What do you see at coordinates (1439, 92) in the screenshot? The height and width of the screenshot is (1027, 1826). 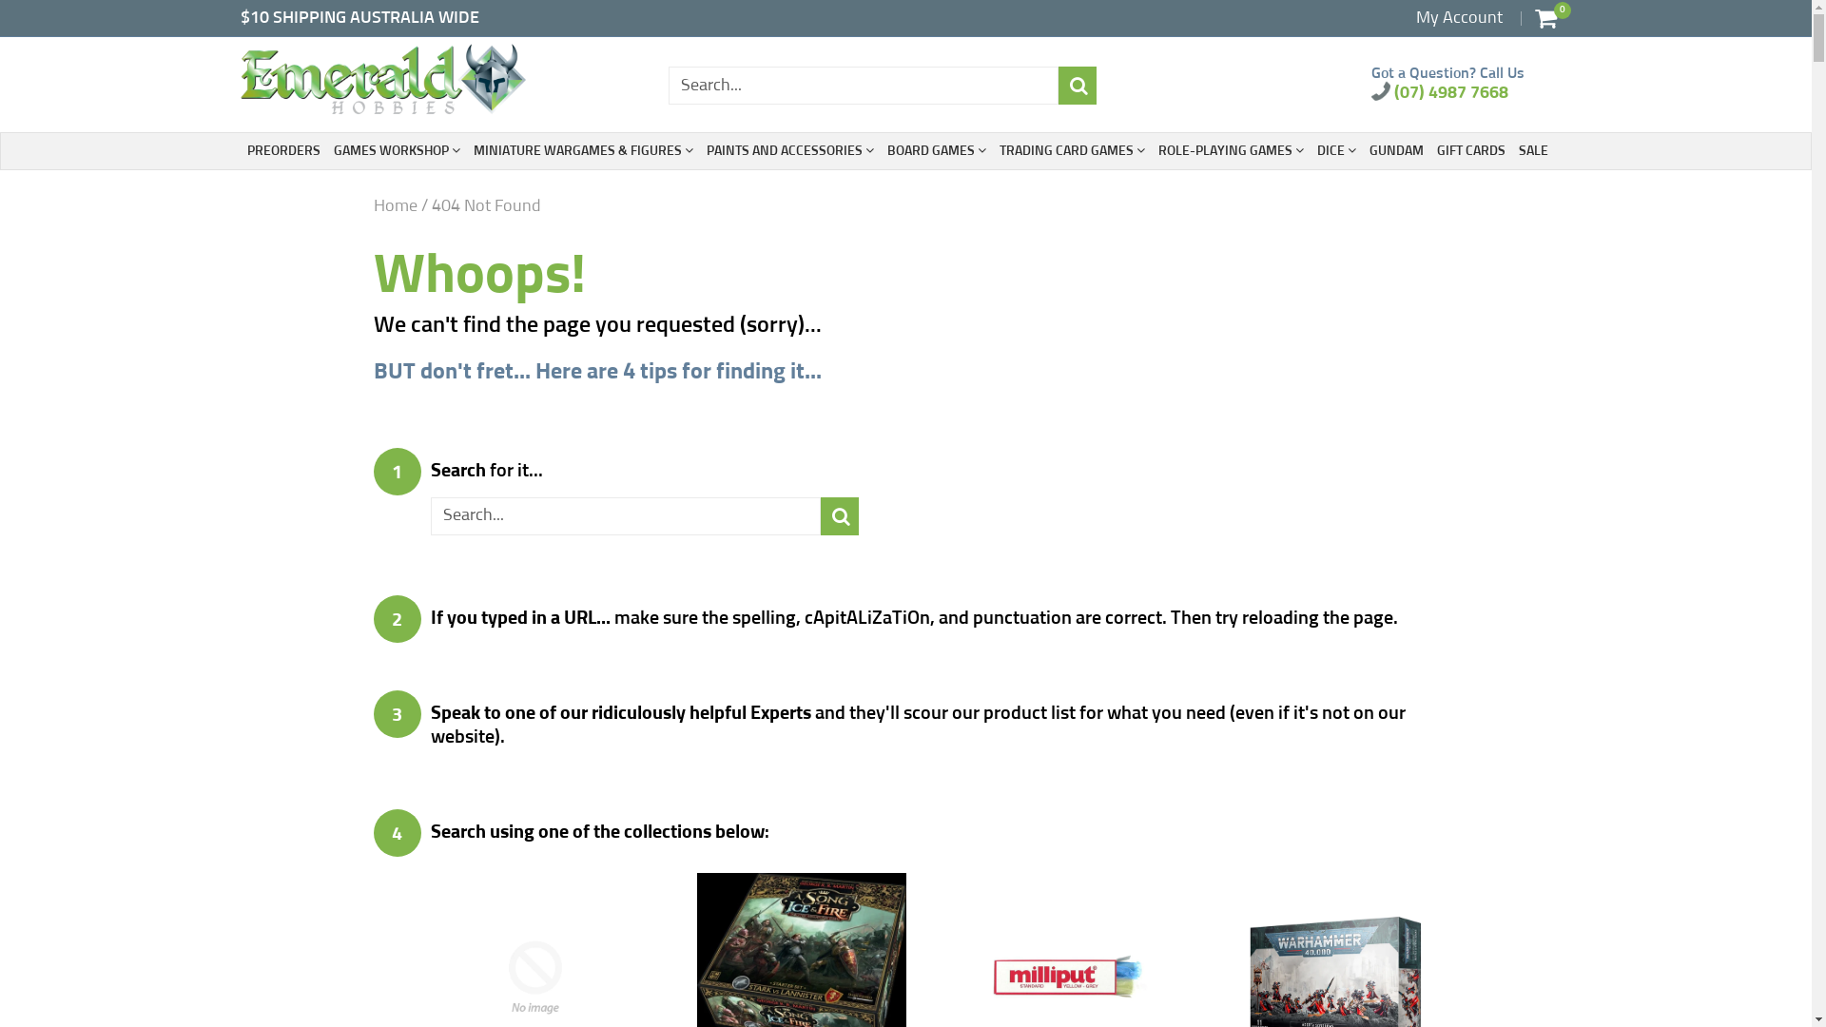 I see `'(07) 4987 7668'` at bounding box center [1439, 92].